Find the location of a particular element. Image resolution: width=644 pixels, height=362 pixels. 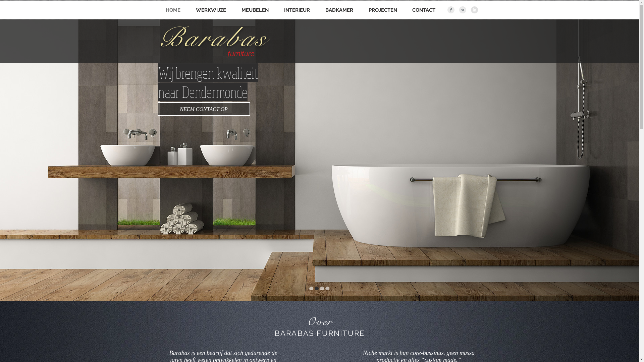

'MEUBELEN' is located at coordinates (254, 10).